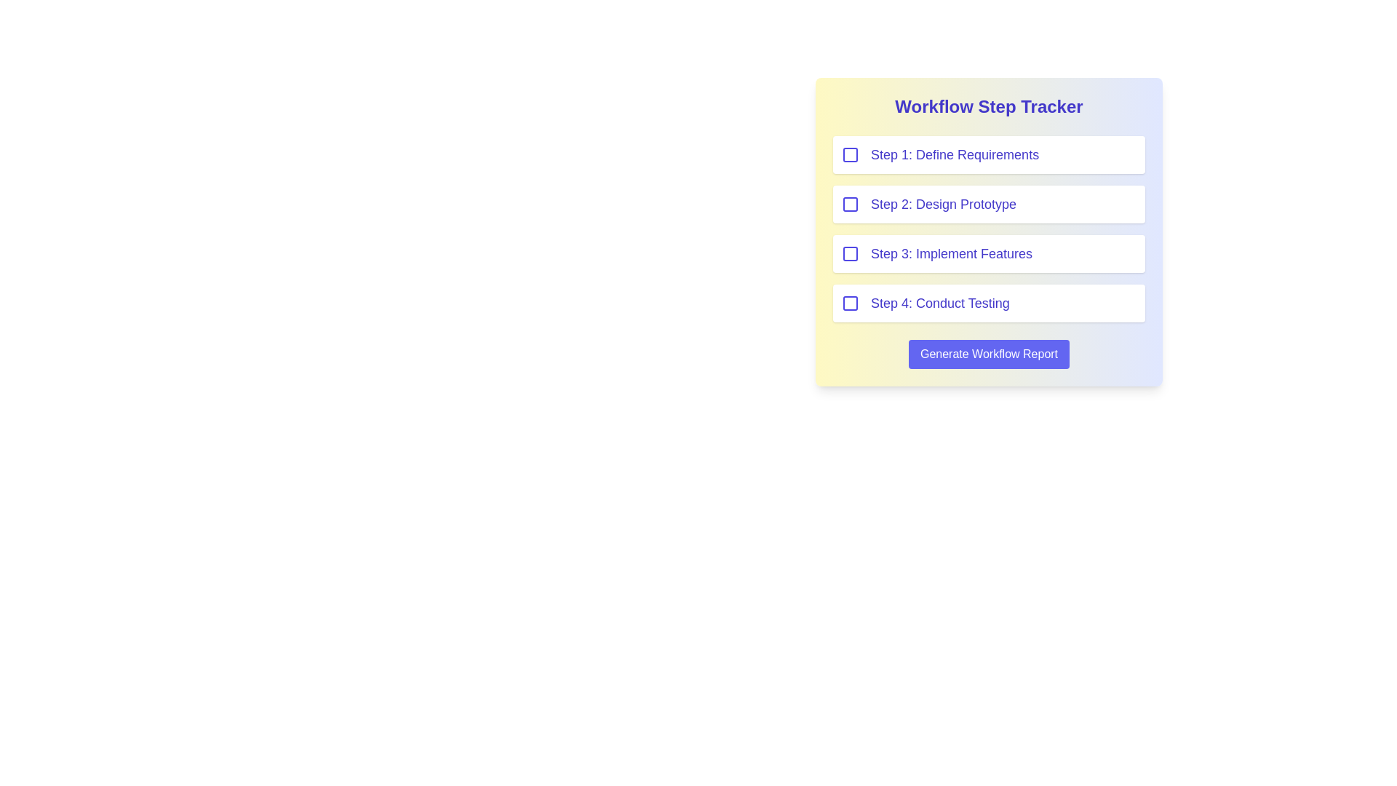  What do you see at coordinates (989, 354) in the screenshot?
I see `the blue button labeled 'Generate Workflow Report' located below 'Step 4: Conduct Testing' in the 'Workflow Step Tracker' to generate the workflow report` at bounding box center [989, 354].